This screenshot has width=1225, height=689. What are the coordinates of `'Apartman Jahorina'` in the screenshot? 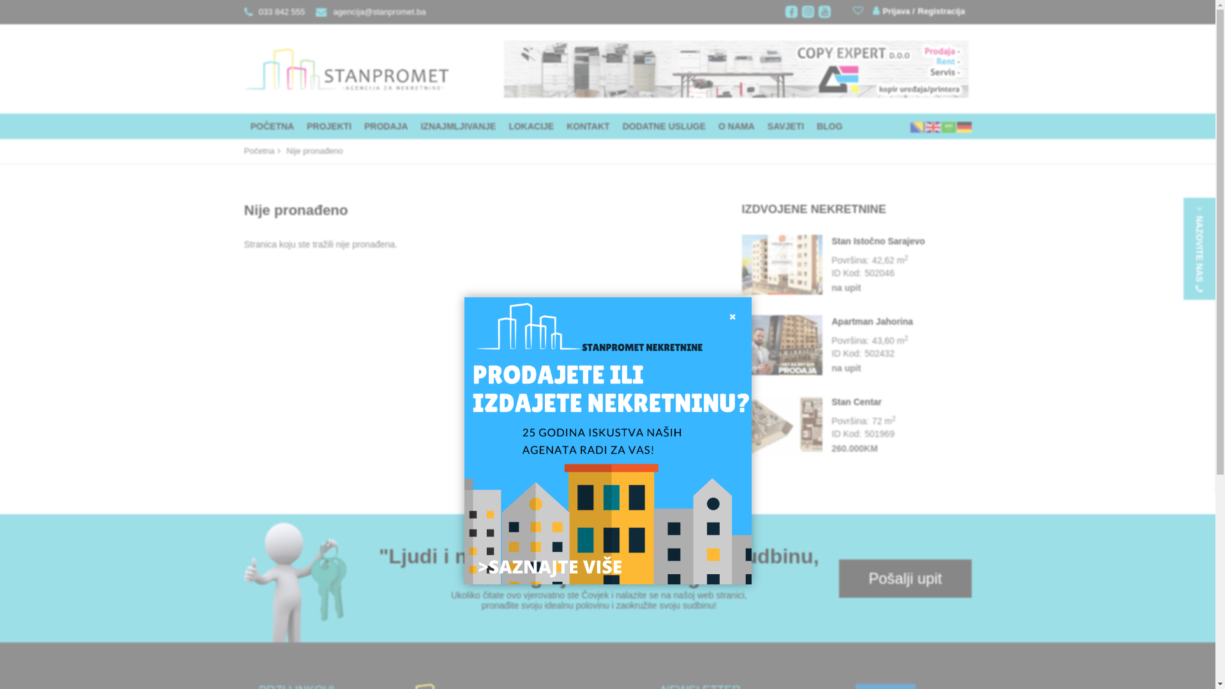 It's located at (832, 321).